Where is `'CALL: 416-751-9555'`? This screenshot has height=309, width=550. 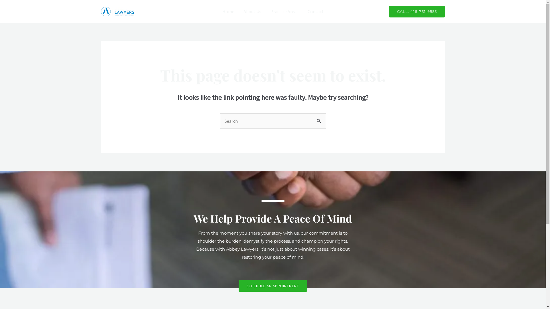
'CALL: 416-751-9555' is located at coordinates (417, 11).